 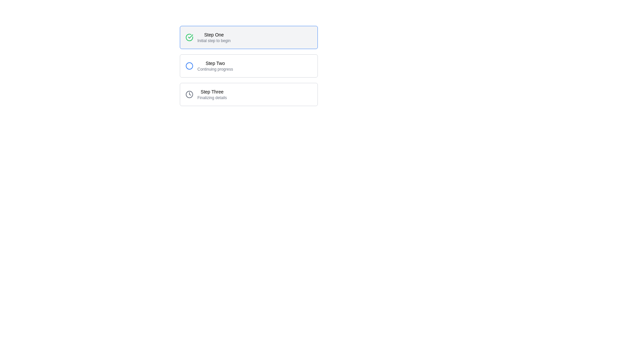 I want to click on the supplementary description text label for 'Step One' located beneath the 'Step One' text and aligned with a checkmark icon, so click(x=214, y=41).